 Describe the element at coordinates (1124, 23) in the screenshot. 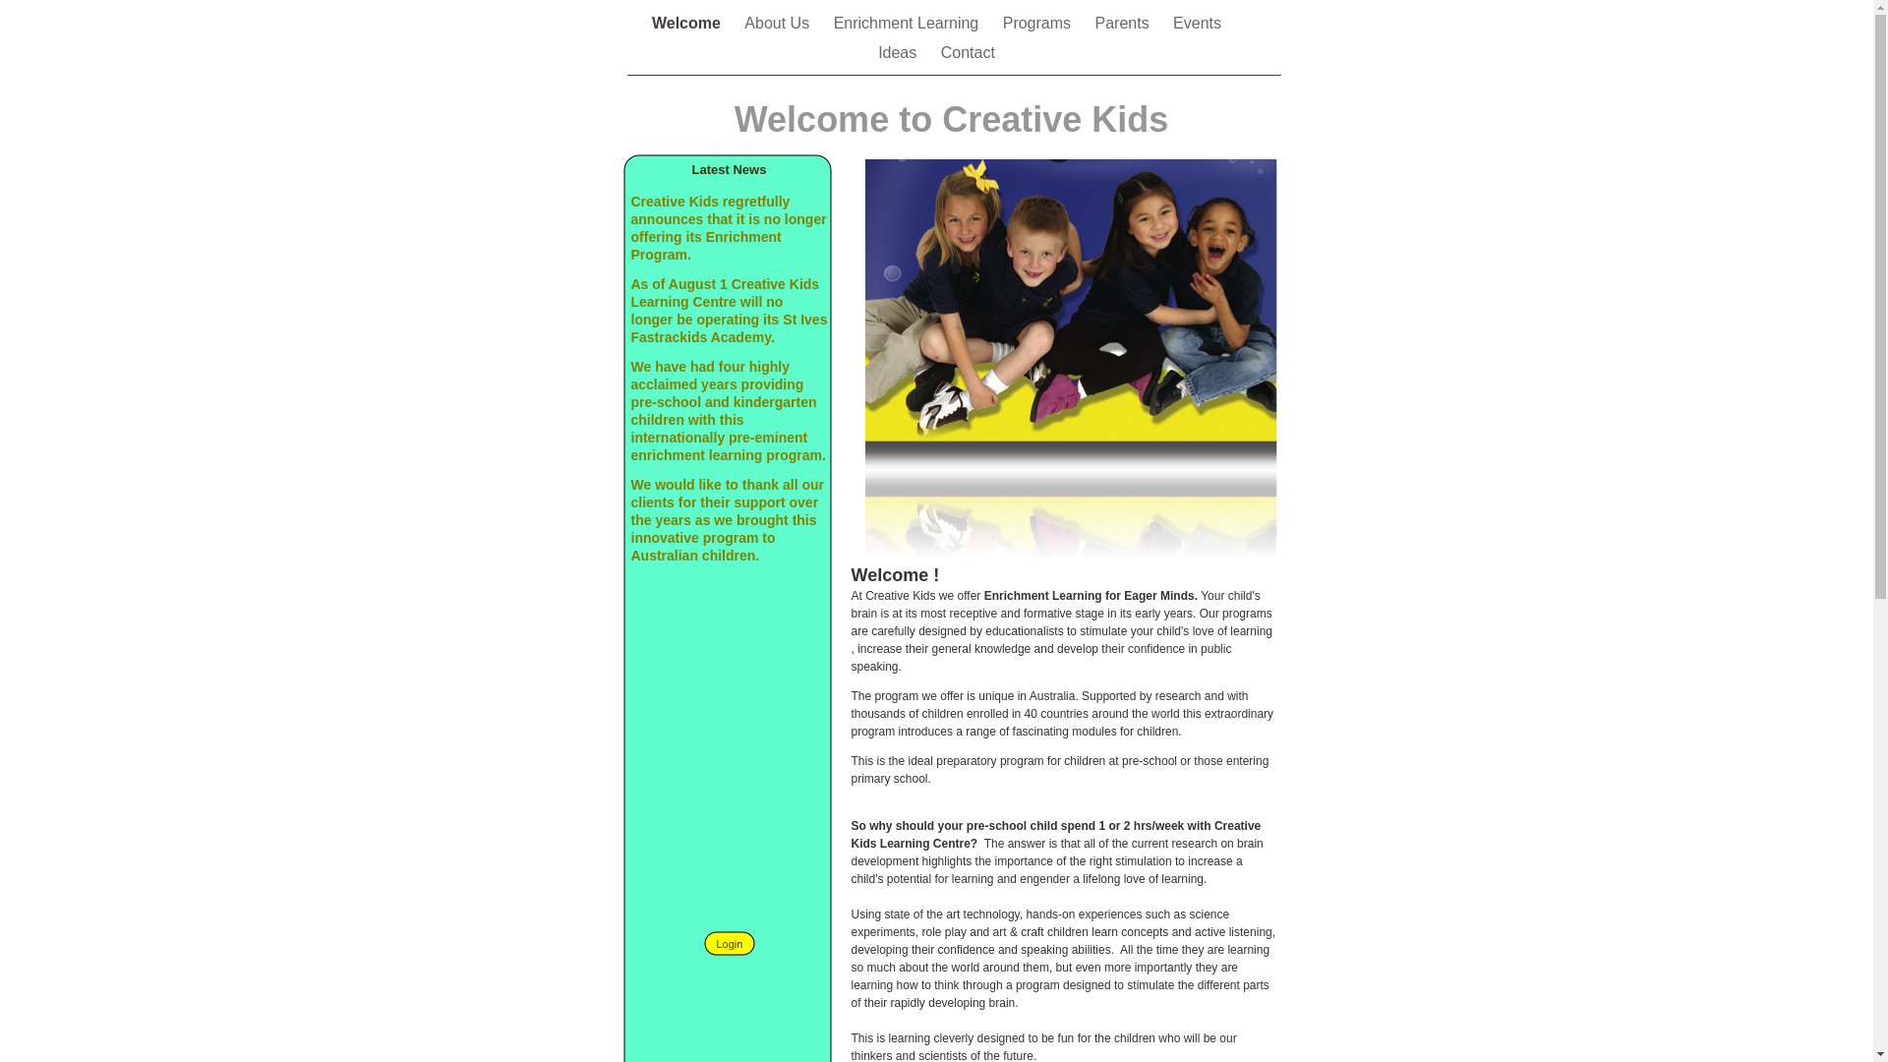

I see `'Parents'` at that location.